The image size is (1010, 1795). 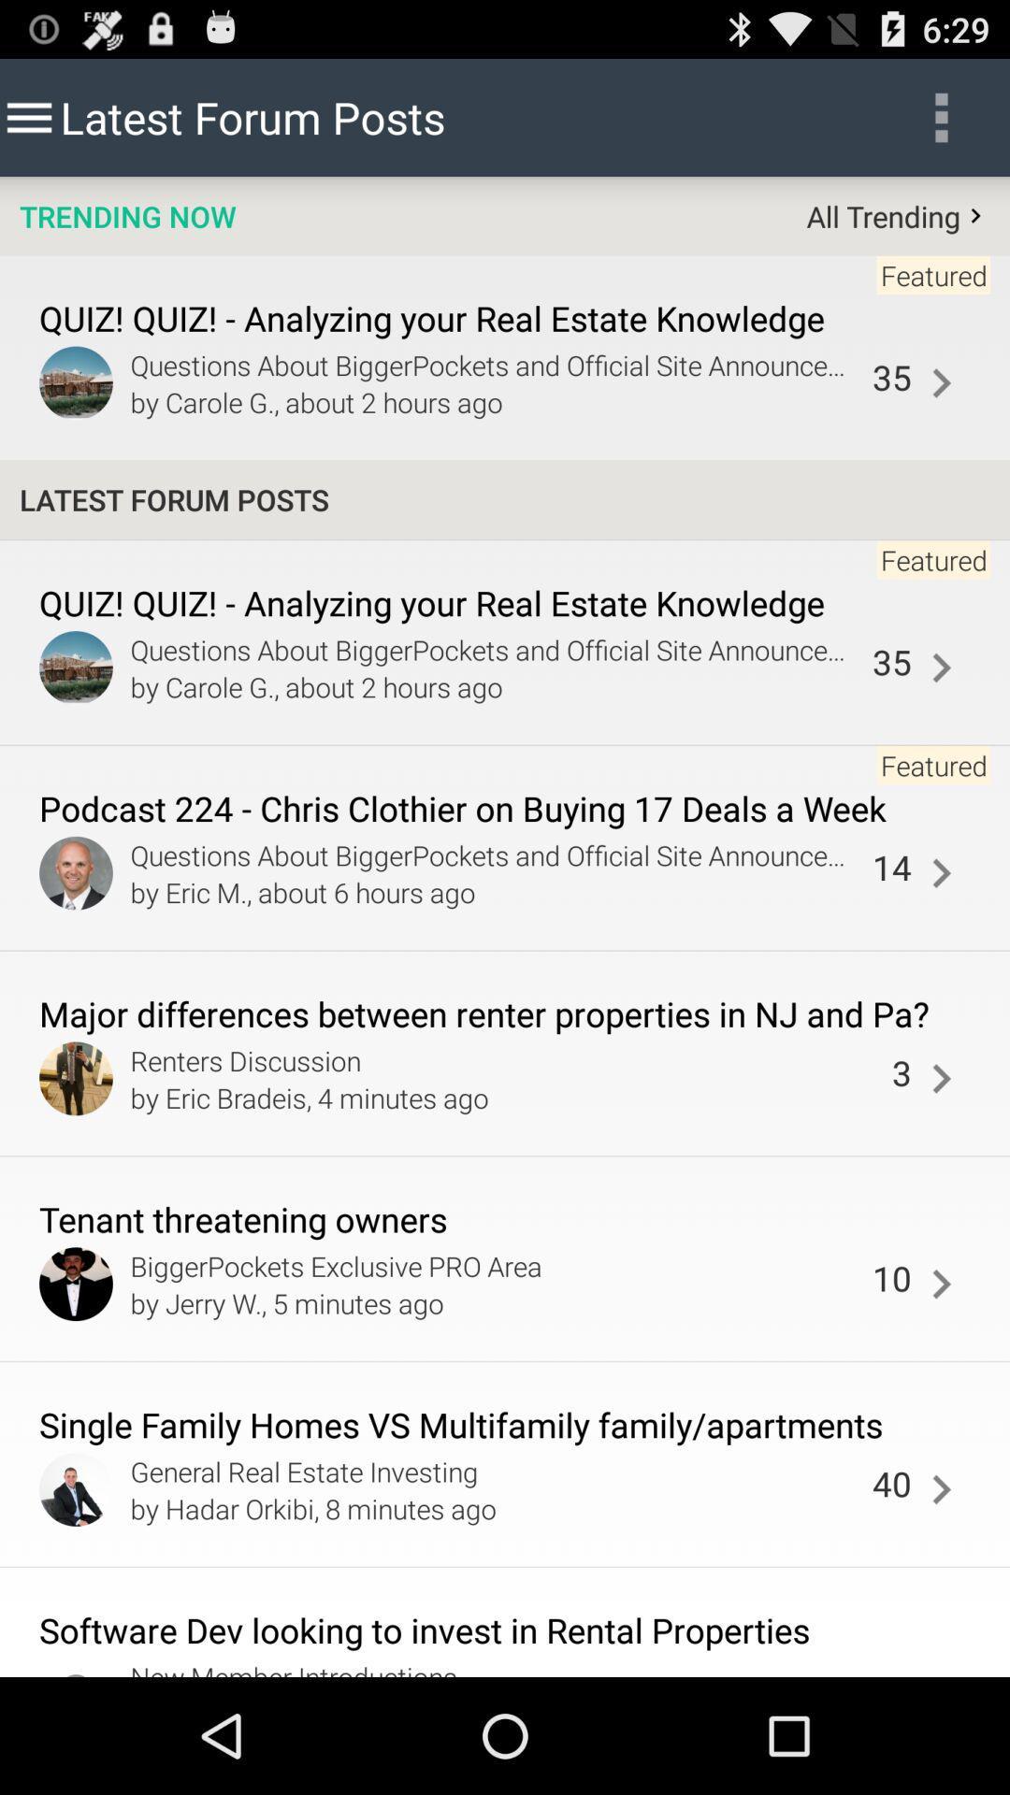 I want to click on item to the left of all trending icon, so click(x=126, y=216).